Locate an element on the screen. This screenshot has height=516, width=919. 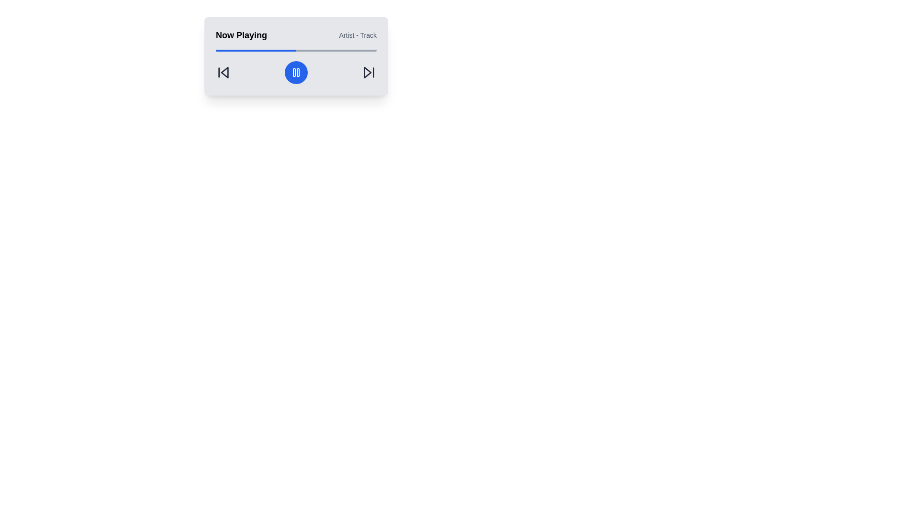
the progress of the bar is located at coordinates (363, 50).